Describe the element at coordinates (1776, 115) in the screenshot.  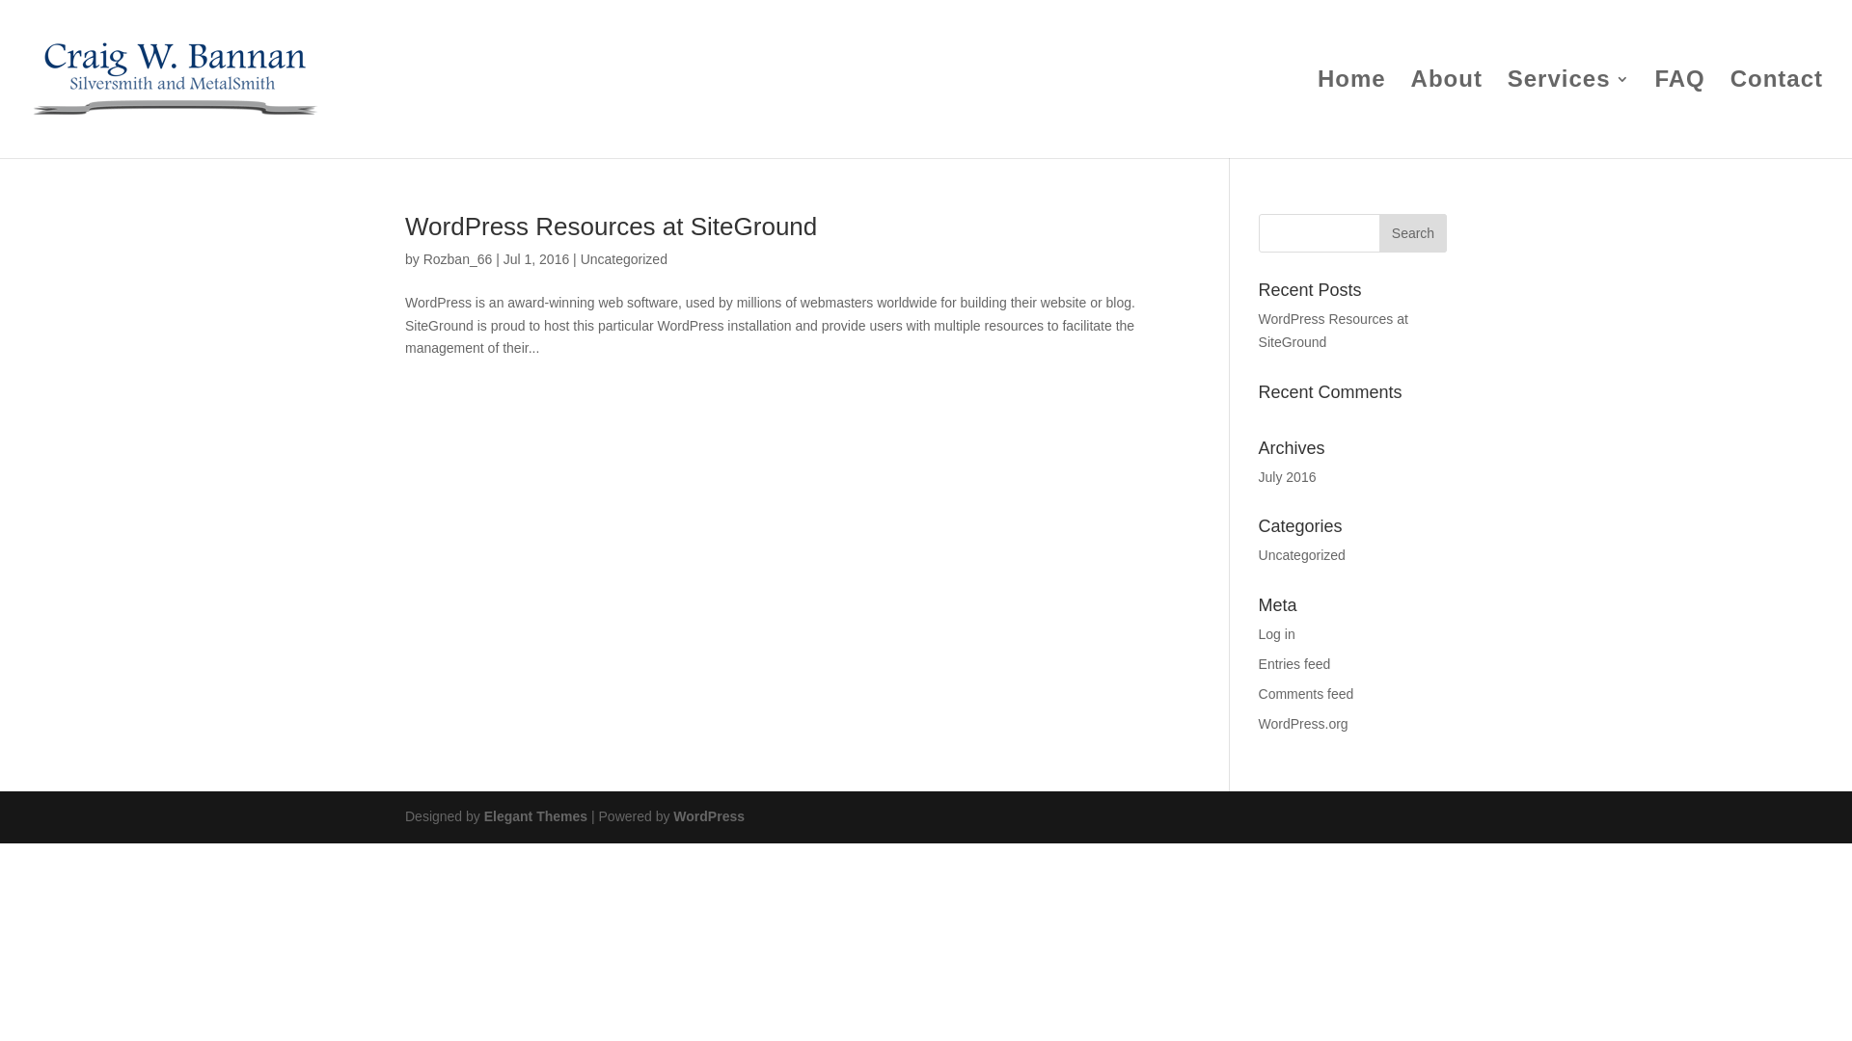
I see `'Contact'` at that location.